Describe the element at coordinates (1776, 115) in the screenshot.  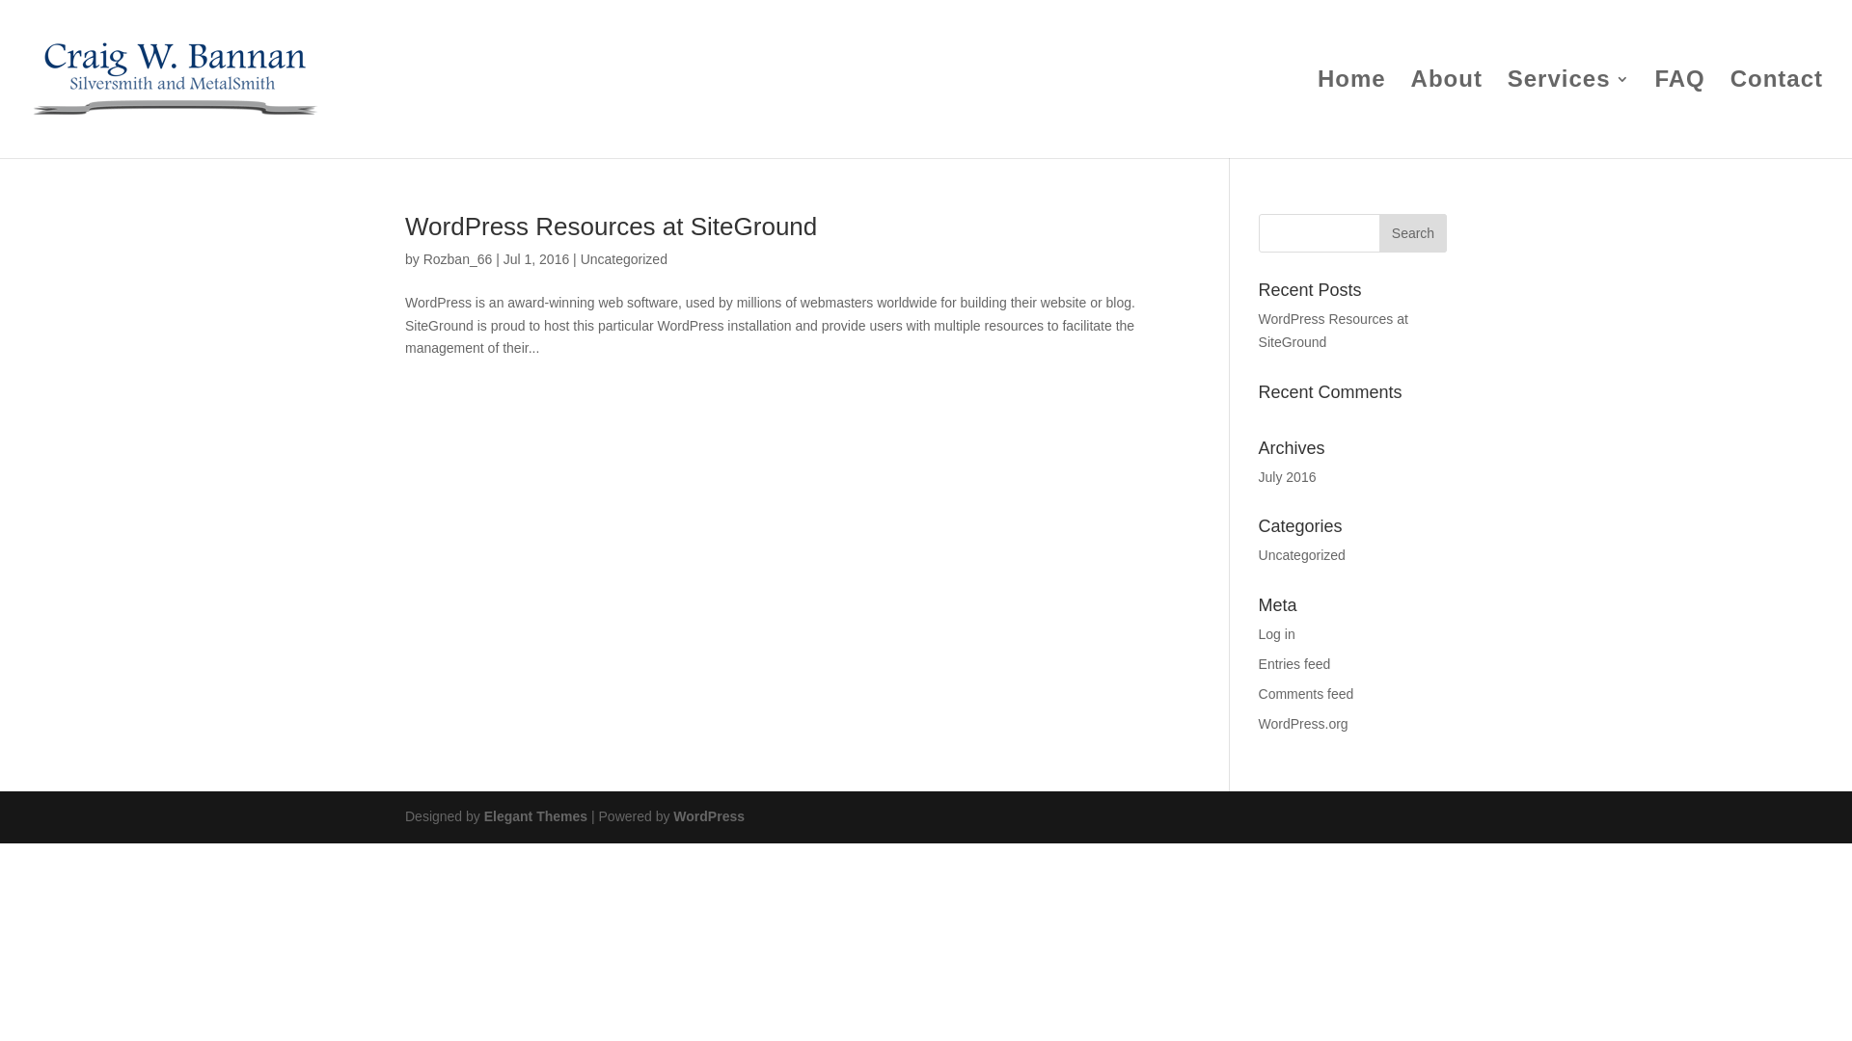
I see `'Contact'` at that location.